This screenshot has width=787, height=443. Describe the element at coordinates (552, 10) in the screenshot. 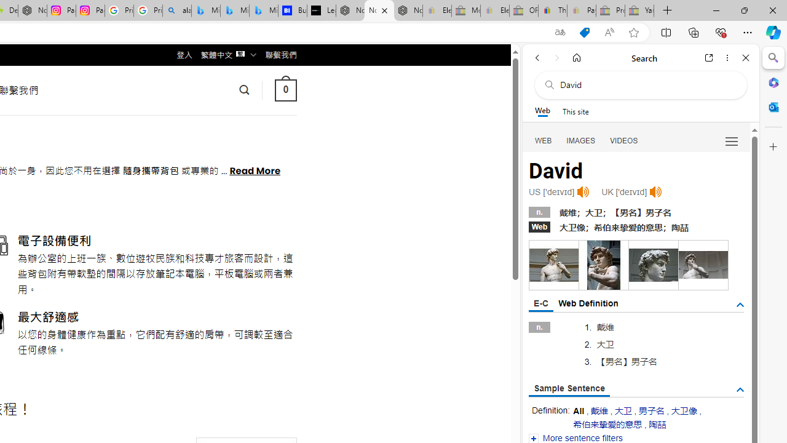

I see `'Threats and offensive language policy | eBay'` at that location.